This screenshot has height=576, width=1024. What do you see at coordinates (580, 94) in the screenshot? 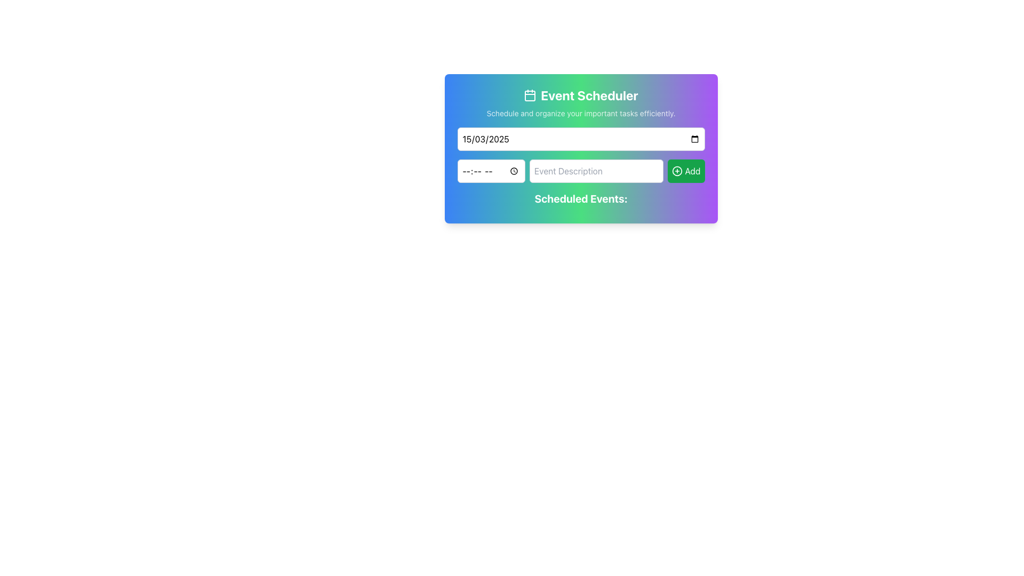
I see `bold, center-aligned text labeled 'Event Scheduler' with a calendar icon on its left, positioned at the top-center of the card interface` at bounding box center [580, 94].